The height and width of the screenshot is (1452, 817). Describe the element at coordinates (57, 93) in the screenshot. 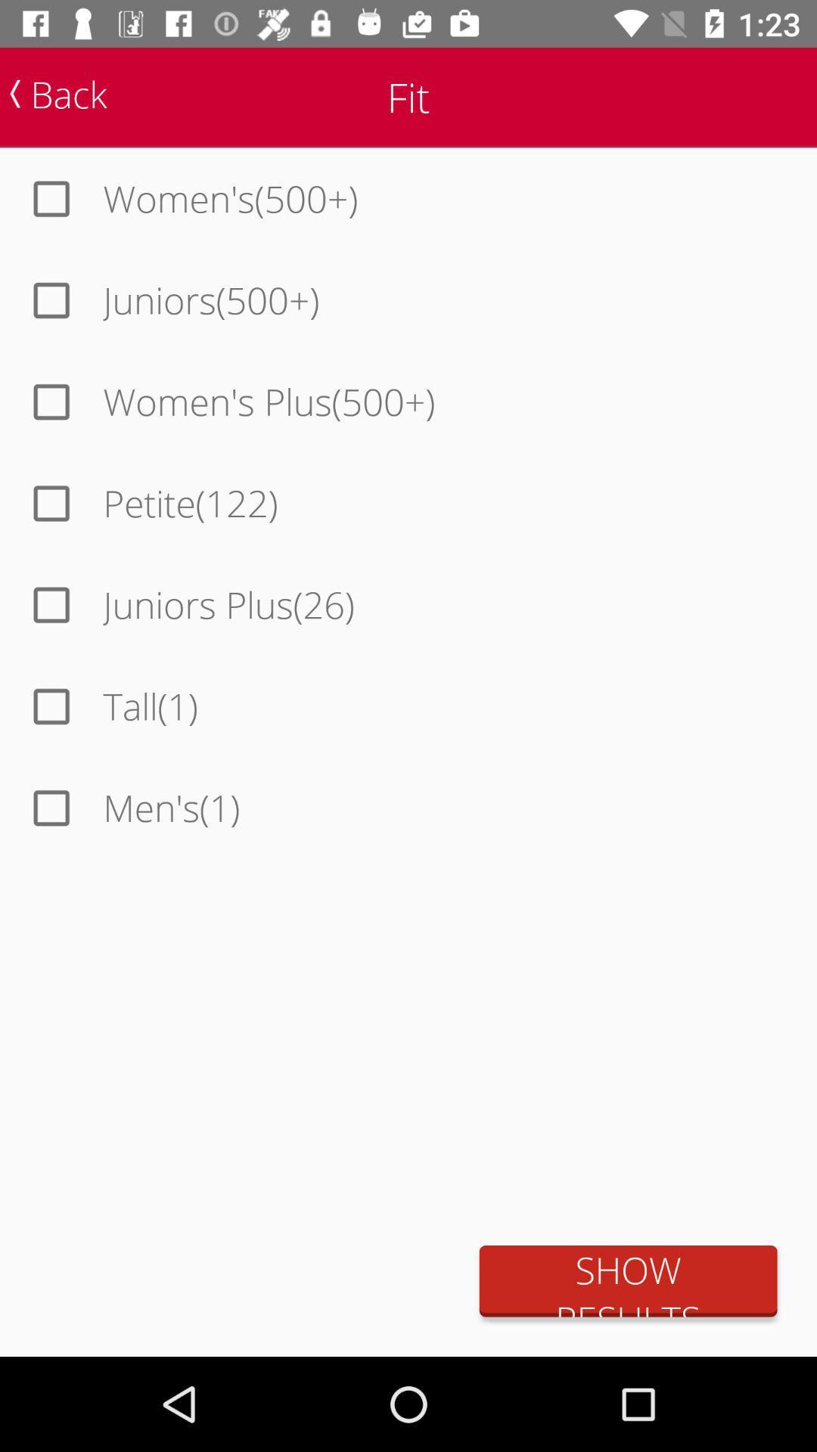

I see `the back item` at that location.